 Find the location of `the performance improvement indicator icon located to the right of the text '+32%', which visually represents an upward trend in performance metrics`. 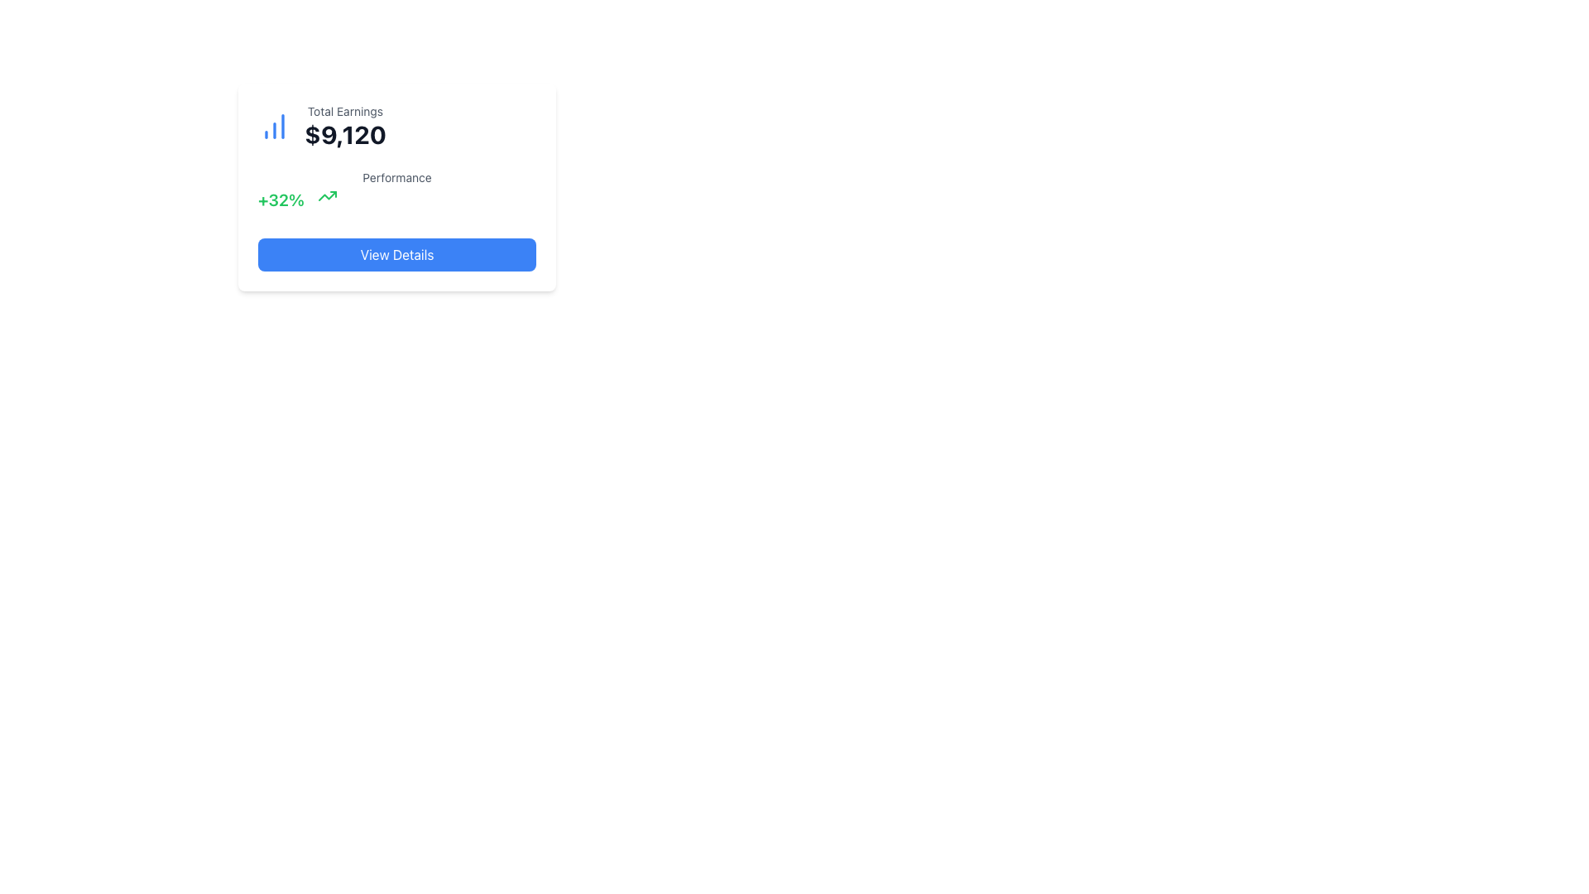

the performance improvement indicator icon located to the right of the text '+32%', which visually represents an upward trend in performance metrics is located at coordinates (327, 195).